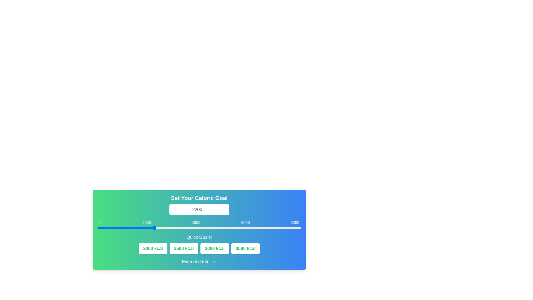 The width and height of the screenshot is (533, 300). What do you see at coordinates (199, 228) in the screenshot?
I see `the track of the horizontal slider component to set the knob position, which is currently at the numerical label '2000'` at bounding box center [199, 228].